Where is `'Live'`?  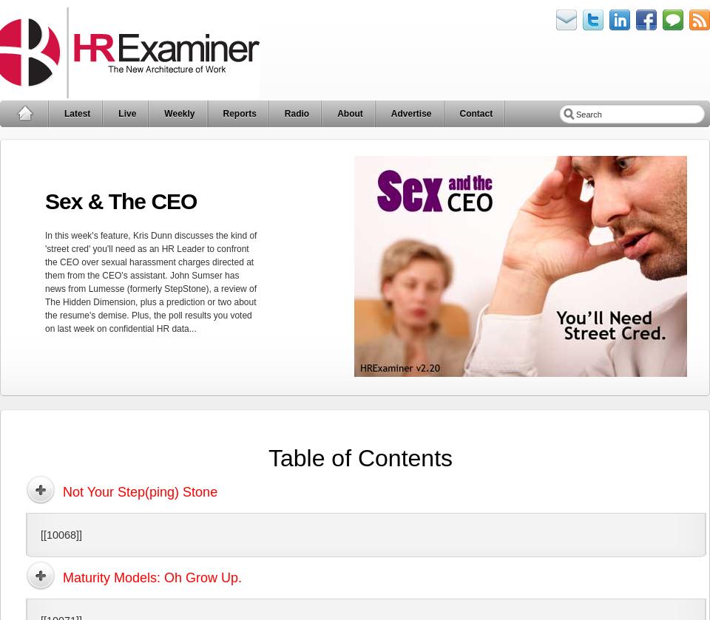 'Live' is located at coordinates (126, 114).